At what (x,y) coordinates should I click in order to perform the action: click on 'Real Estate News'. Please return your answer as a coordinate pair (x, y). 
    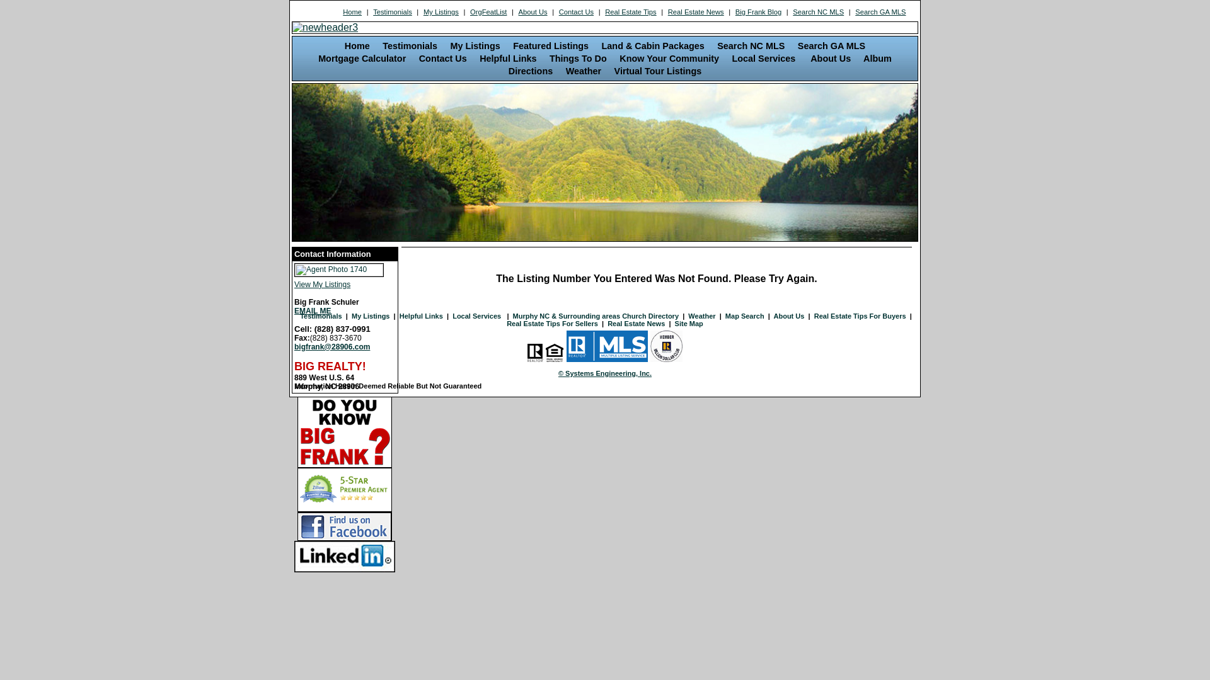
    Looking at the image, I should click on (636, 322).